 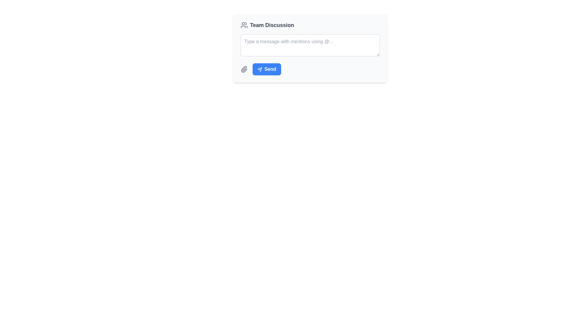 I want to click on the submit button located in the lower-right section of the 'Team Discussion' panel, so click(x=266, y=69).